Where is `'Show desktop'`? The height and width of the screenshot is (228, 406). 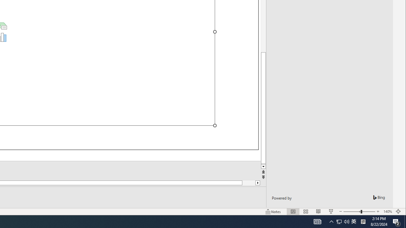
'Show desktop' is located at coordinates (405, 221).